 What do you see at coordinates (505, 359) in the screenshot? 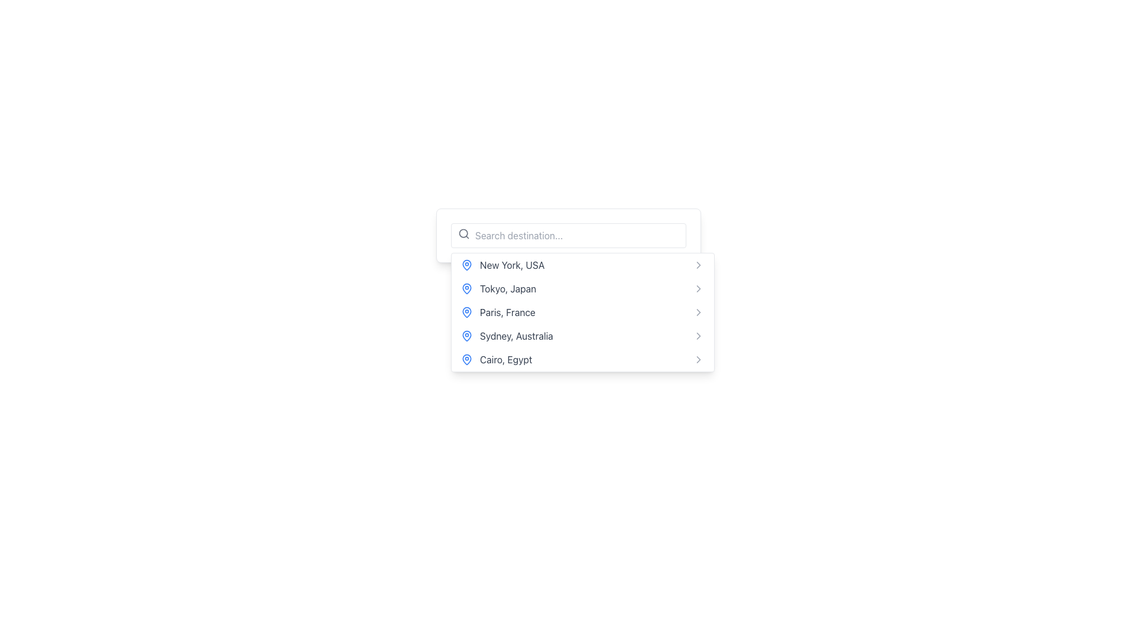
I see `the text label displaying 'Cairo, Egypt'` at bounding box center [505, 359].